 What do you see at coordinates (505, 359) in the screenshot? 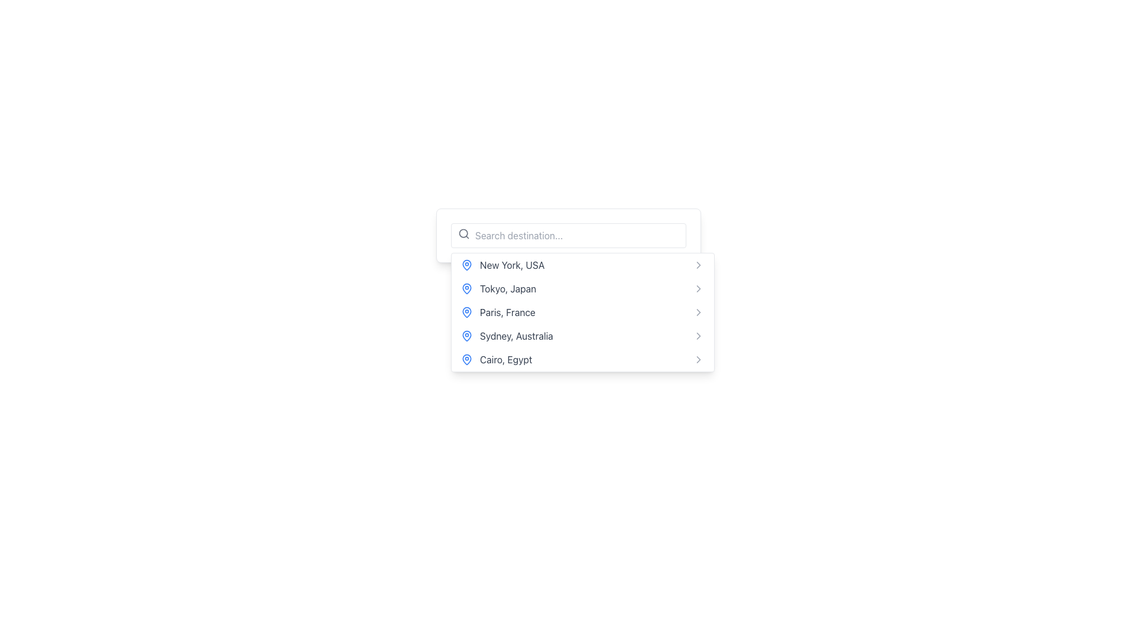
I see `the text label displaying 'Cairo, Egypt'` at bounding box center [505, 359].